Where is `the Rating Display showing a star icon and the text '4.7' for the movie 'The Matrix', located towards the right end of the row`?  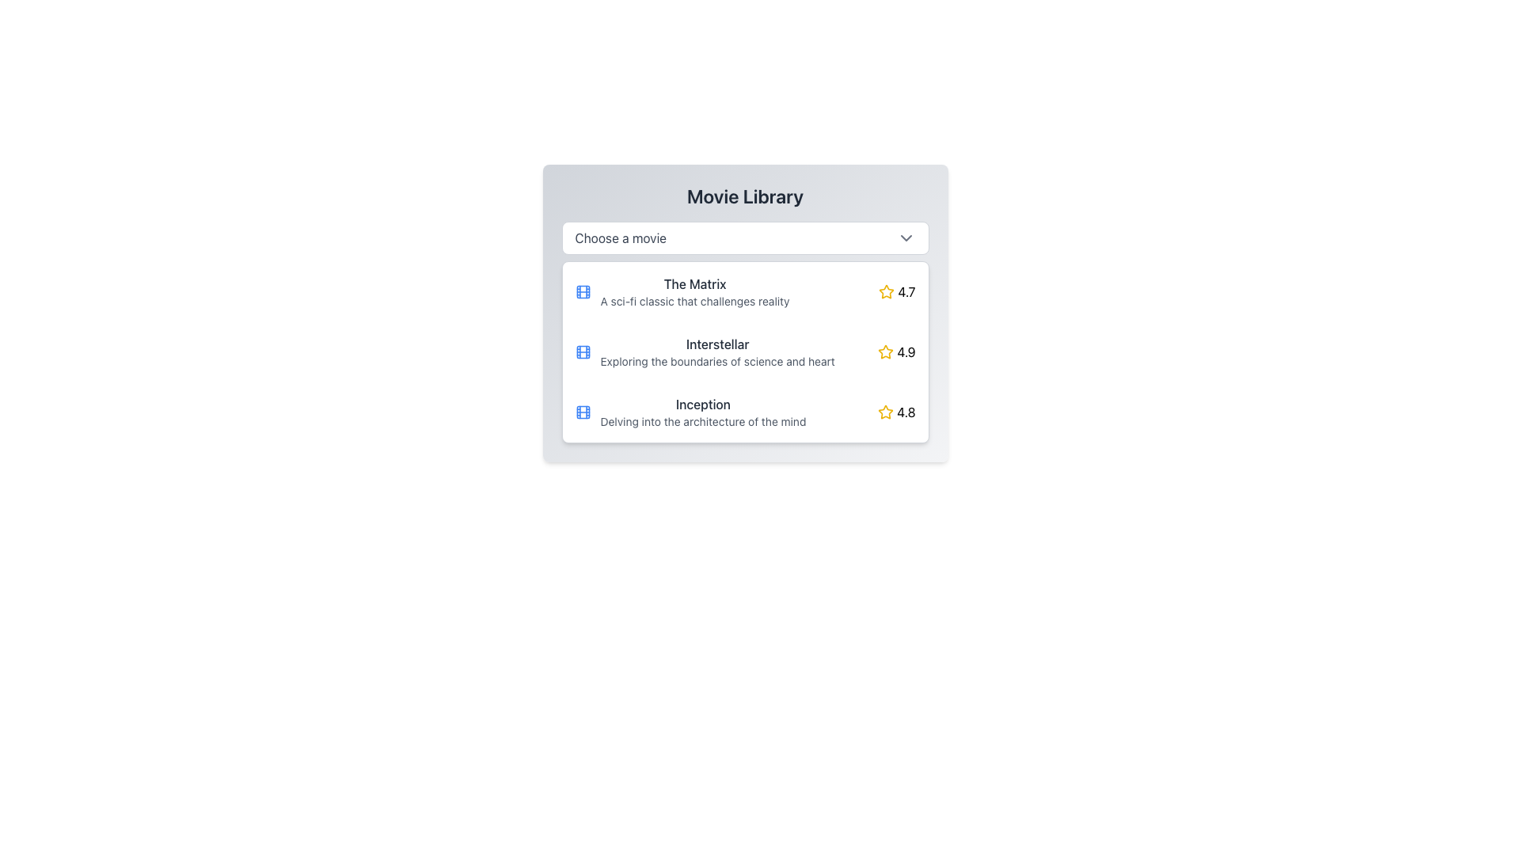 the Rating Display showing a star icon and the text '4.7' for the movie 'The Matrix', located towards the right end of the row is located at coordinates (897, 292).